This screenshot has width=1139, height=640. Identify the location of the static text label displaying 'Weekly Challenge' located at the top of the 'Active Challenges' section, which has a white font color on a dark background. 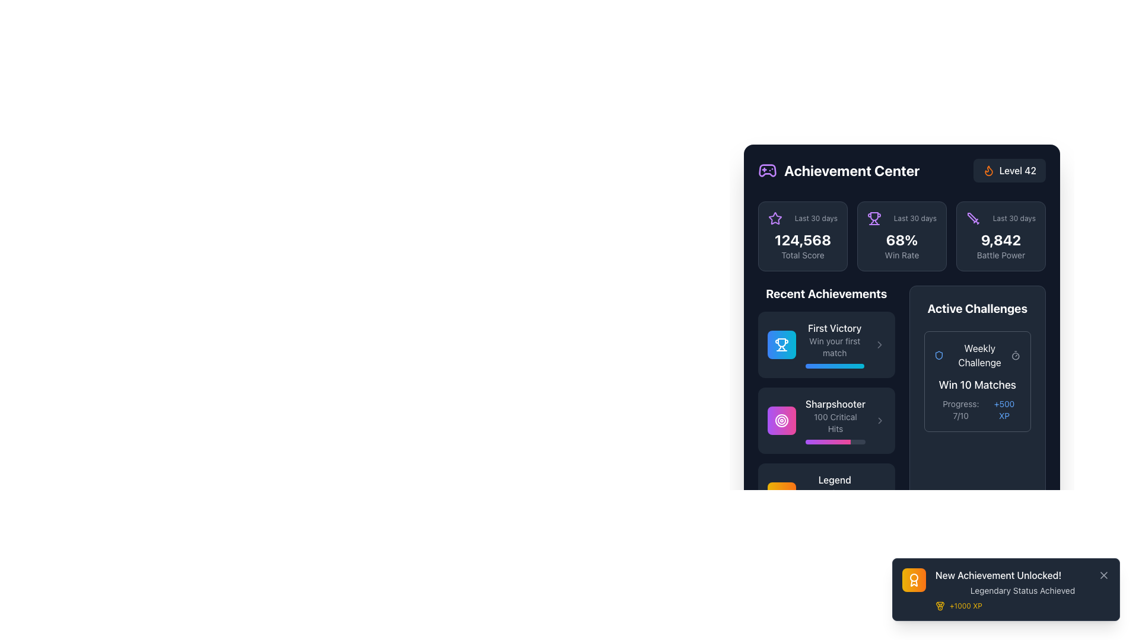
(979, 355).